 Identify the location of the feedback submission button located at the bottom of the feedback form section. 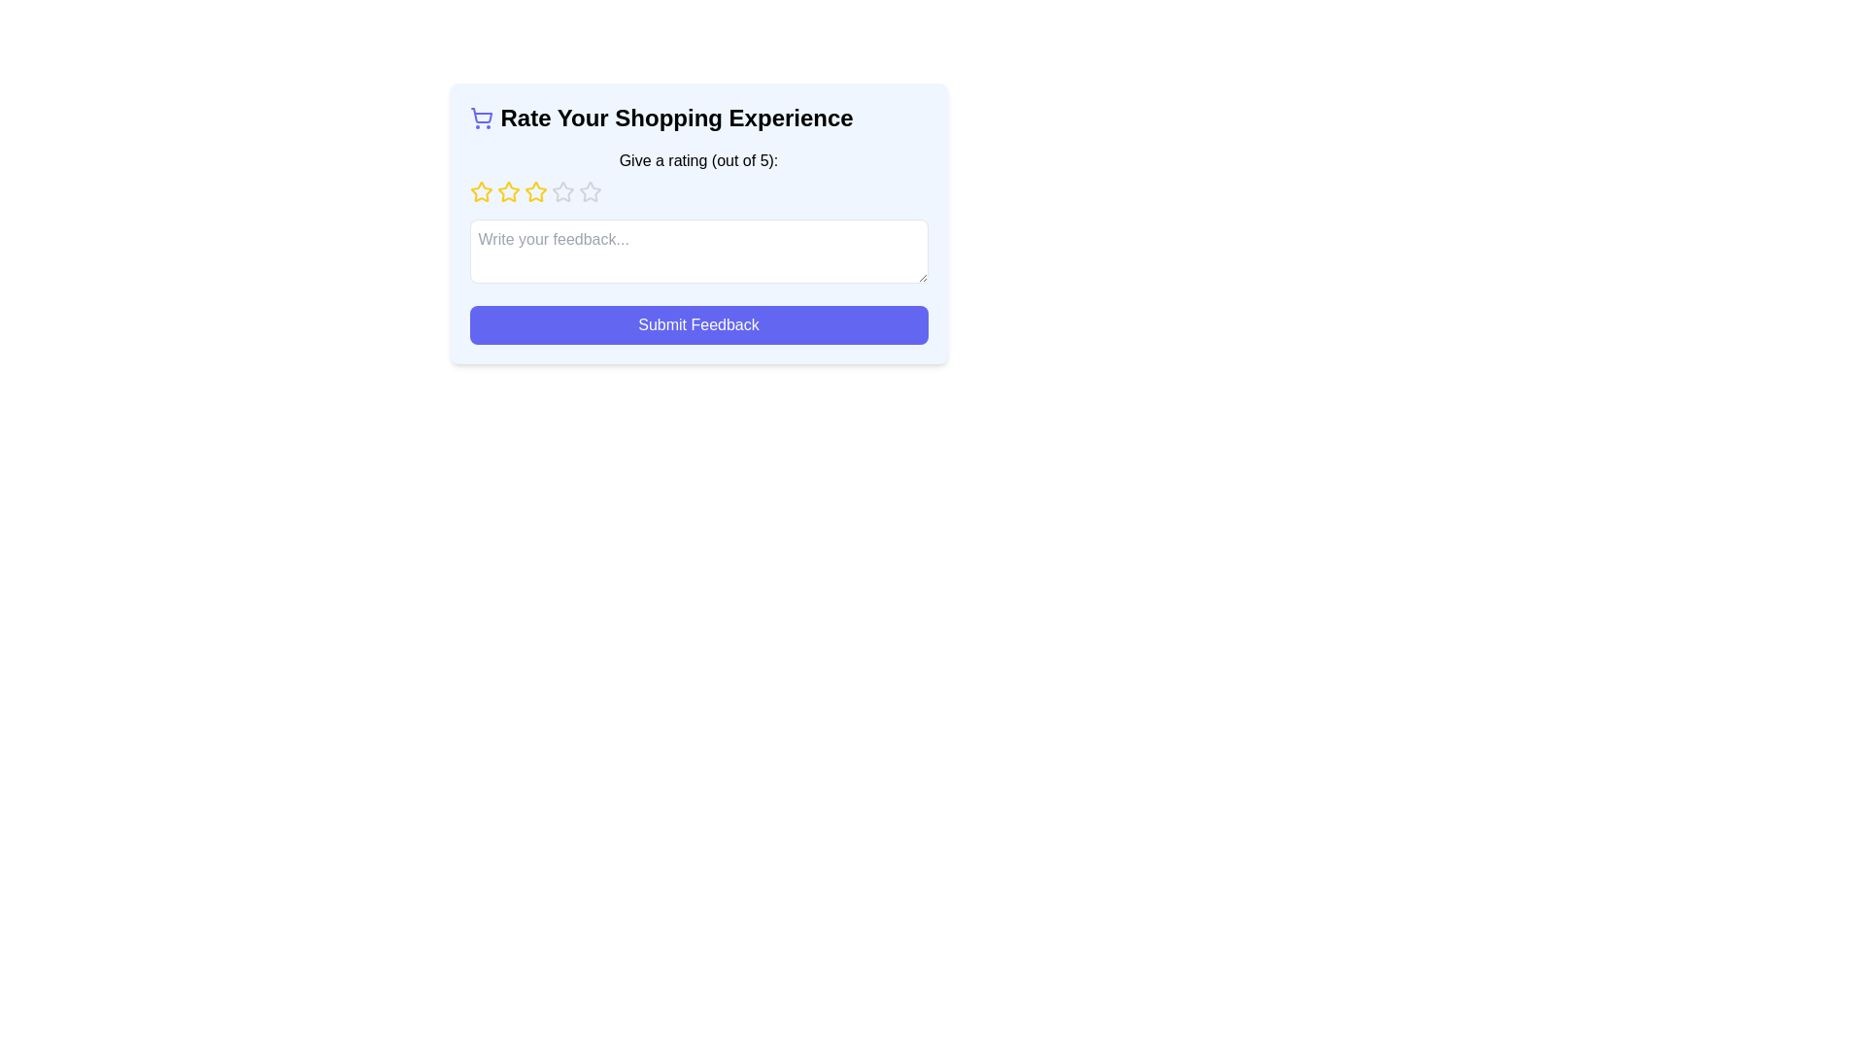
(698, 324).